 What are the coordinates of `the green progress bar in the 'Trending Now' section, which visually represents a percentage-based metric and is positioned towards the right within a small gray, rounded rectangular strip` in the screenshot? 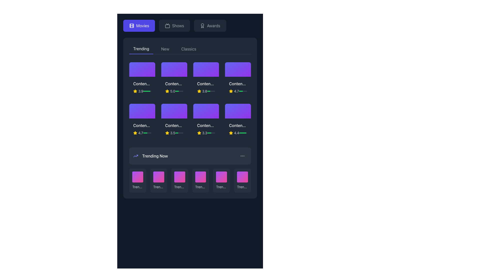 It's located at (243, 132).